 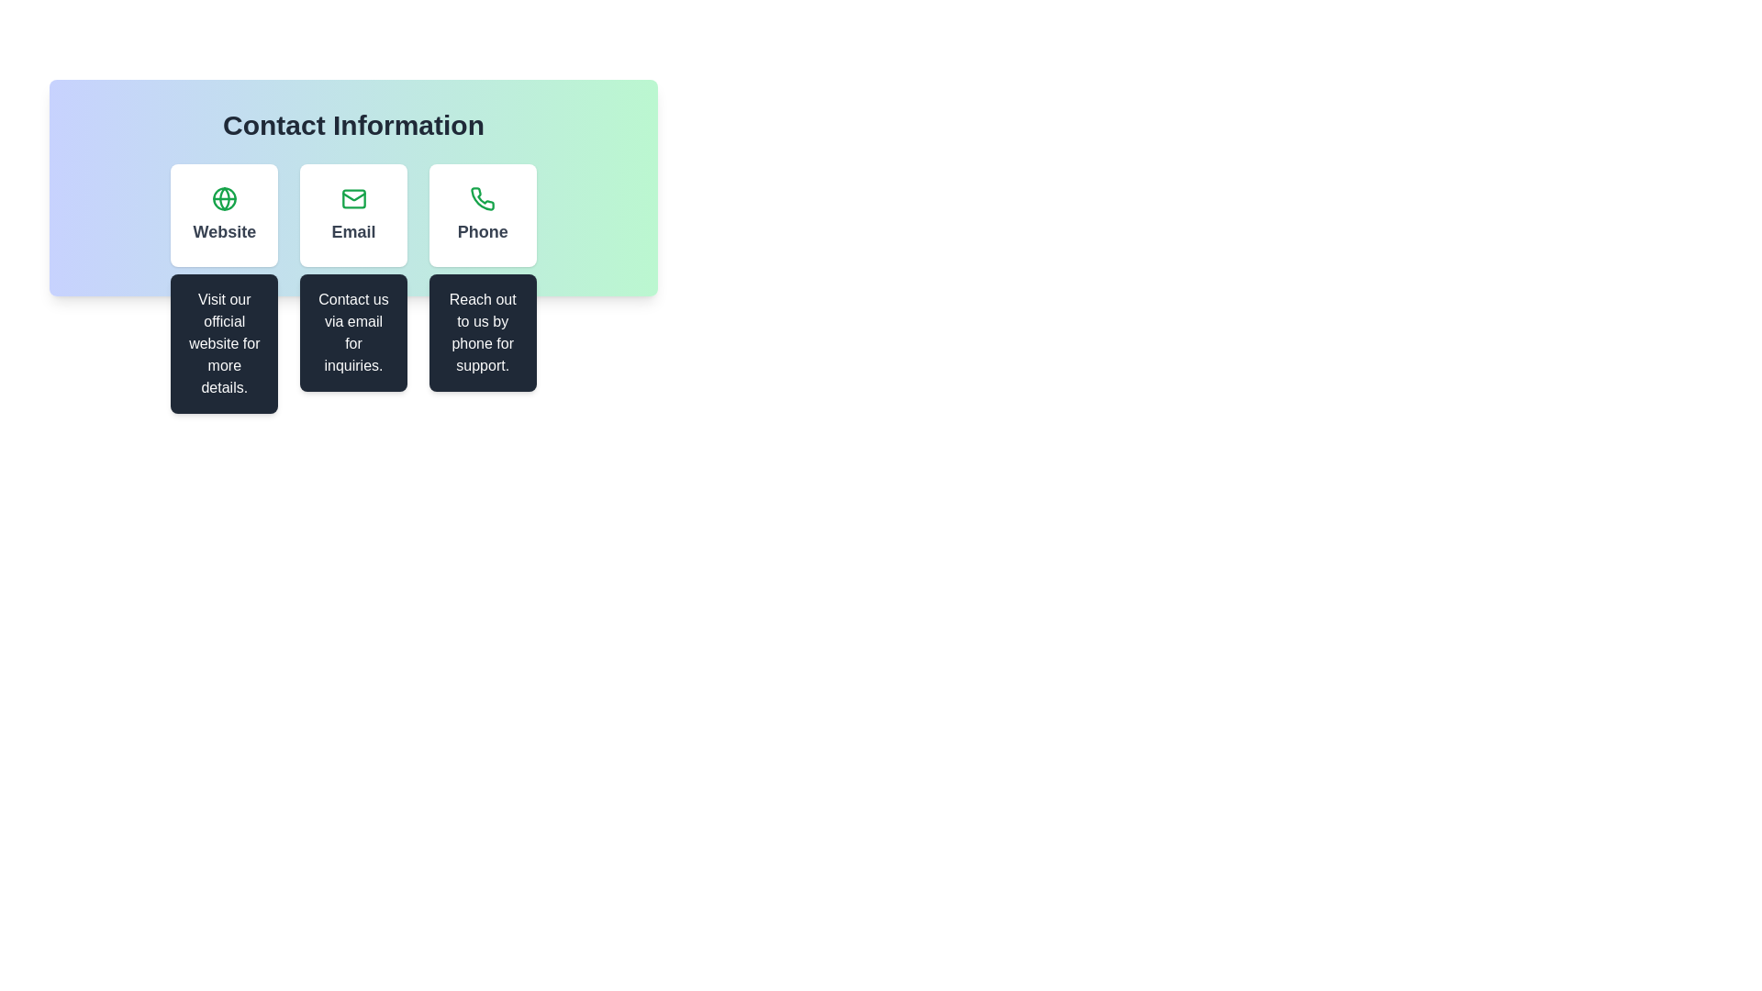 I want to click on the circular graphic element of the globe icon located at the top of the Website section, to the left of the Email and Phone sections, so click(x=223, y=198).